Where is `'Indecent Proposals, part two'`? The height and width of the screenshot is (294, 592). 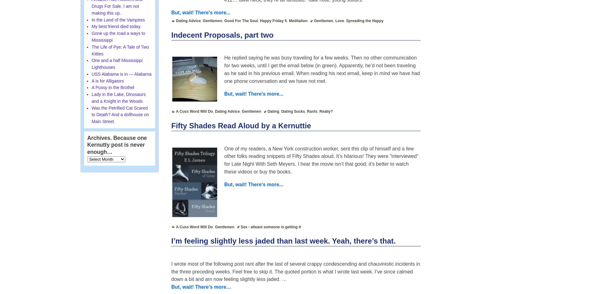
'Indecent Proposals, part two' is located at coordinates (222, 34).